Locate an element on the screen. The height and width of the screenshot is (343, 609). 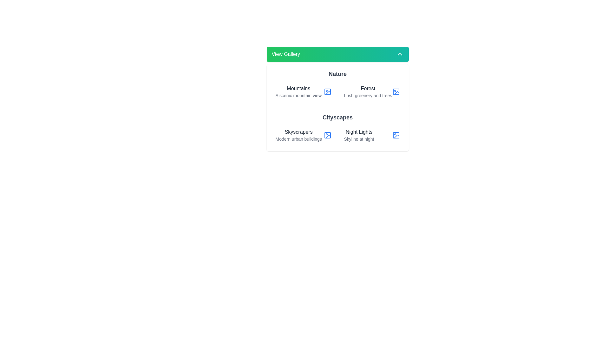
the small blue square icon located to the right of the 'Night Lights' text within the 'Cityscapes' section is located at coordinates (396, 135).